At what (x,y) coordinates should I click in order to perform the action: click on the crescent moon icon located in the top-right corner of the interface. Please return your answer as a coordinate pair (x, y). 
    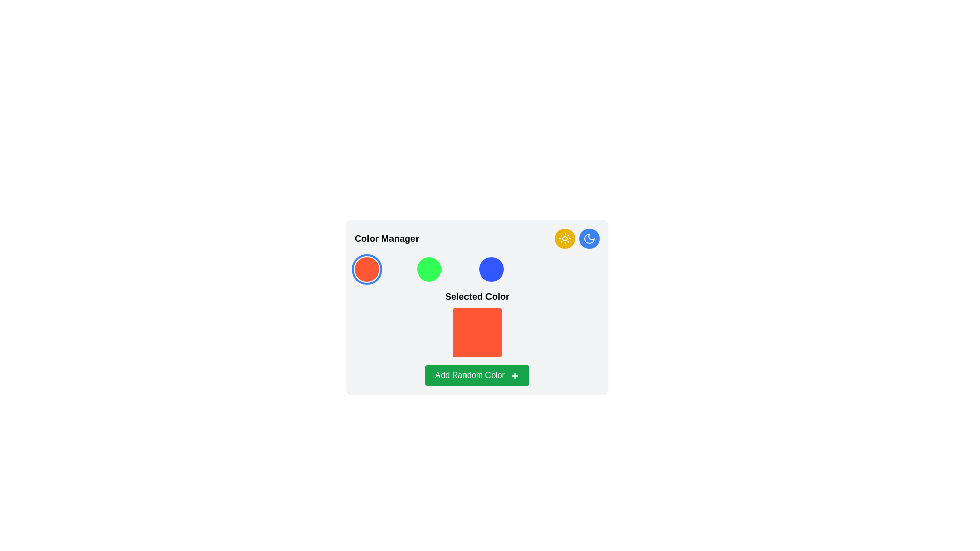
    Looking at the image, I should click on (590, 238).